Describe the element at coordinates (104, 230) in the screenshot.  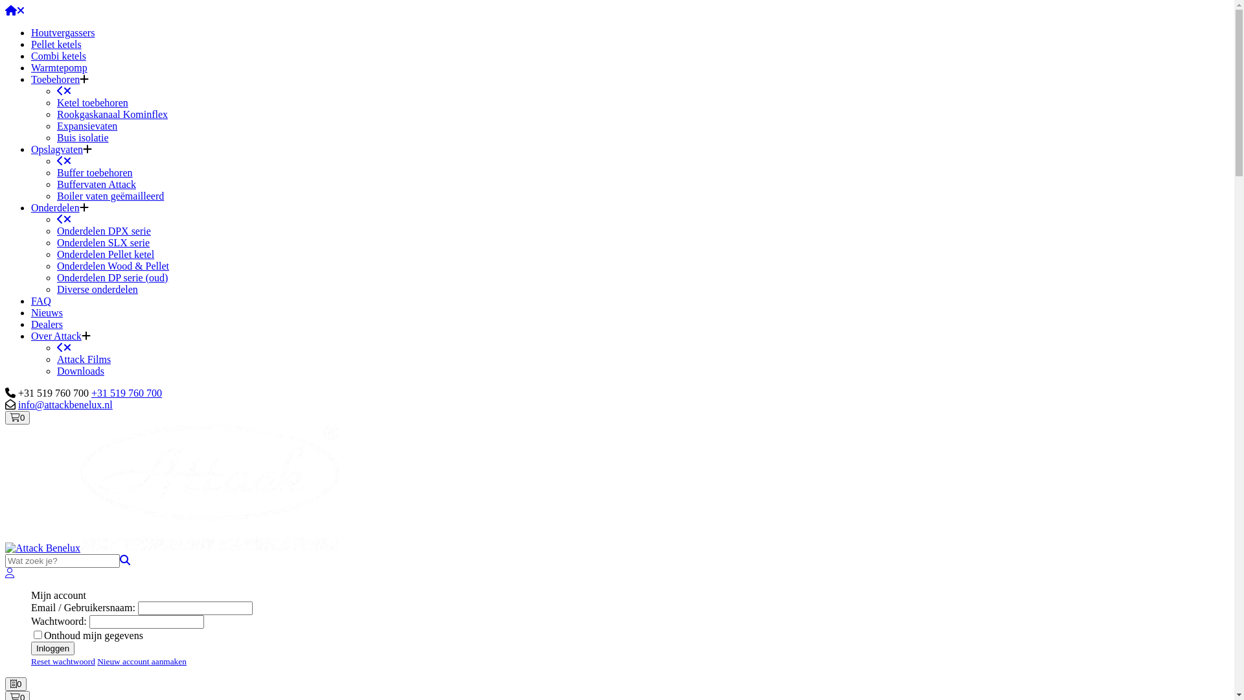
I see `'Onderdelen DPX serie'` at that location.